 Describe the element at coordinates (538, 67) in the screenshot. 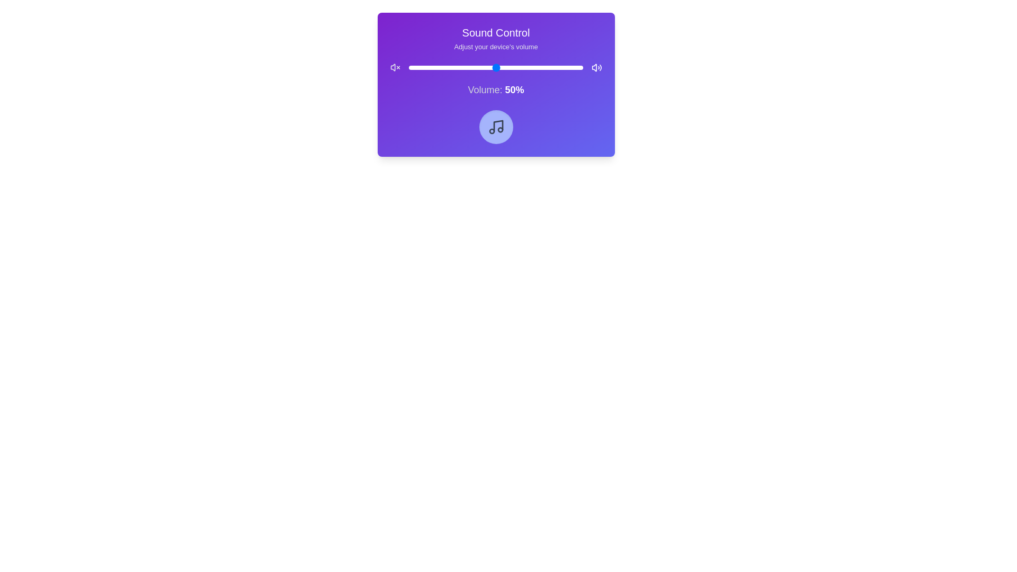

I see `the volume slider to 74%` at that location.